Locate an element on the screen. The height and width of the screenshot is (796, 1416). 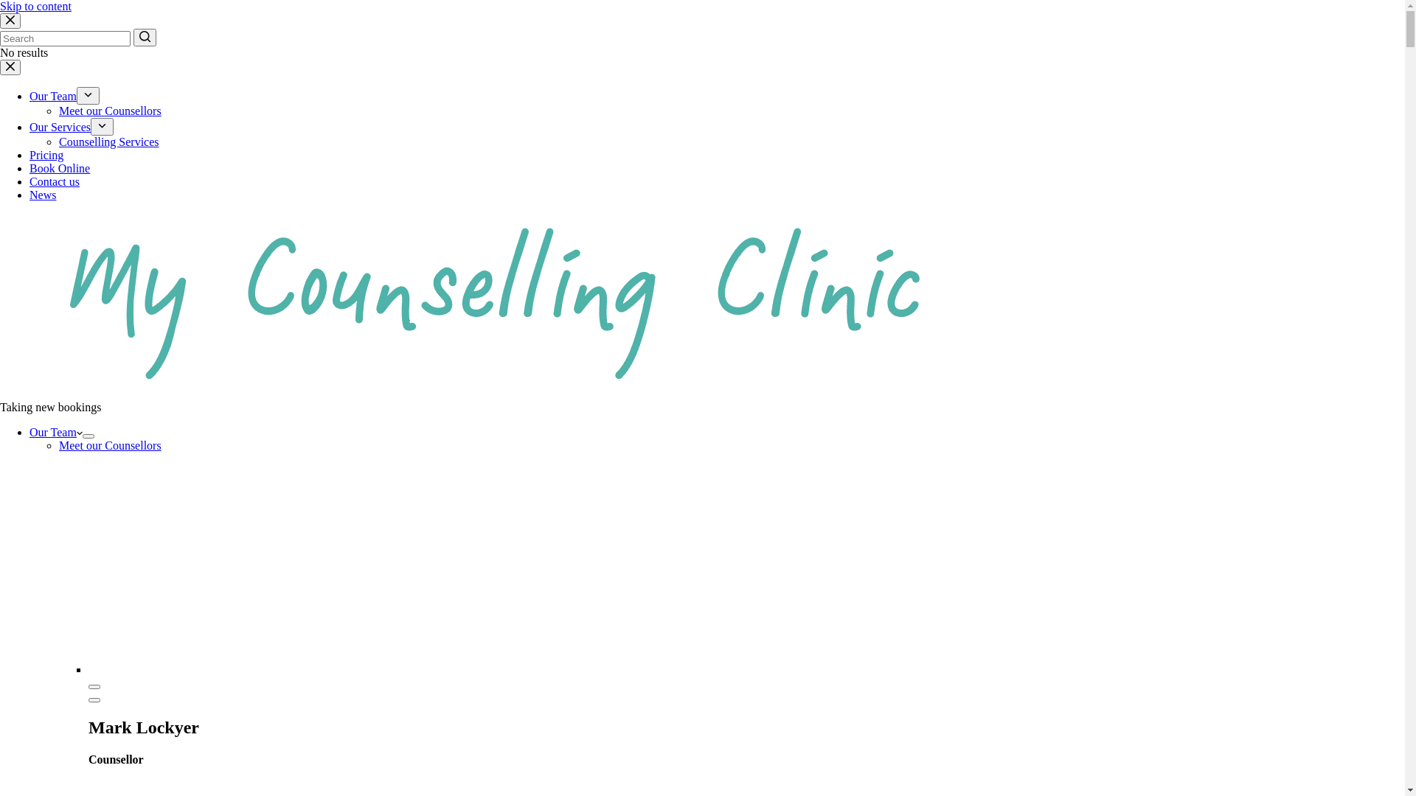
'Our Services' is located at coordinates (59, 126).